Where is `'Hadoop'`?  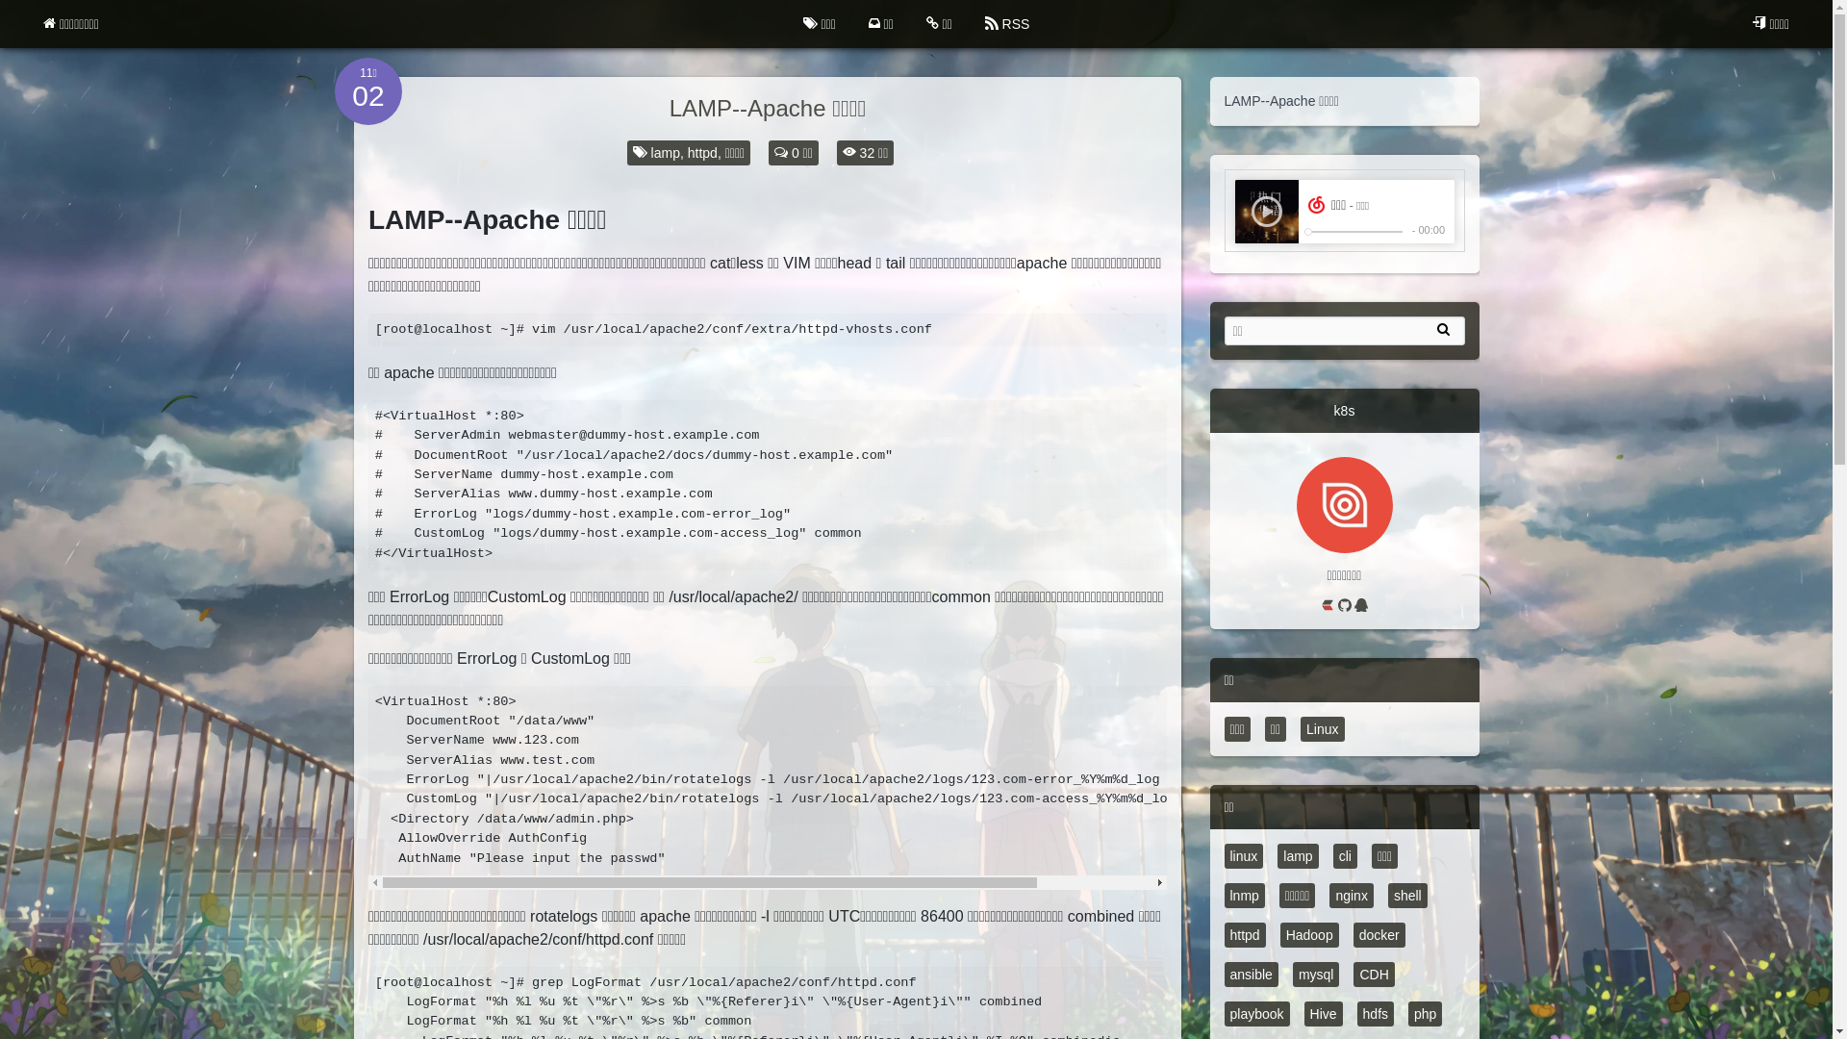 'Hadoop' is located at coordinates (1308, 934).